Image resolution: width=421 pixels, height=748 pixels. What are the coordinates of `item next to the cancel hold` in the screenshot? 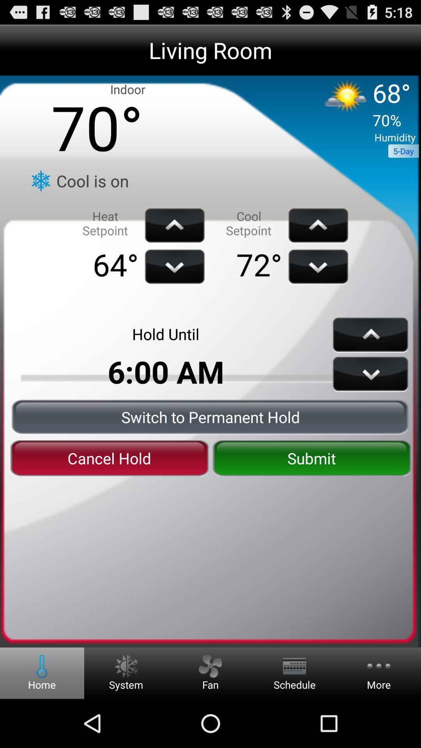 It's located at (311, 458).